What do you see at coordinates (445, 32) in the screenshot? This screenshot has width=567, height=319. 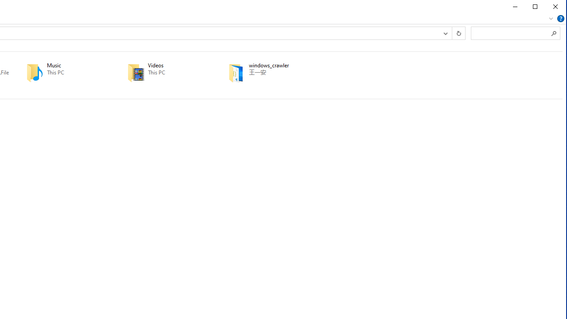 I see `'Previous Locations'` at bounding box center [445, 32].